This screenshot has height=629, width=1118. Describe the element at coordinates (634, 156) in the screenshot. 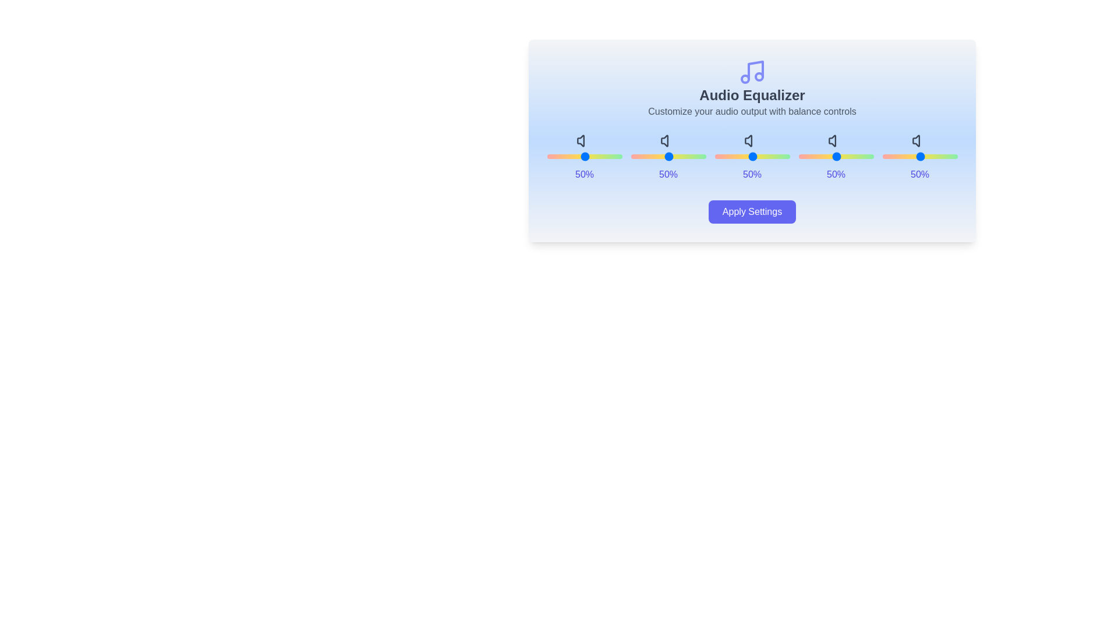

I see `the slider for band 0 to 85%` at that location.